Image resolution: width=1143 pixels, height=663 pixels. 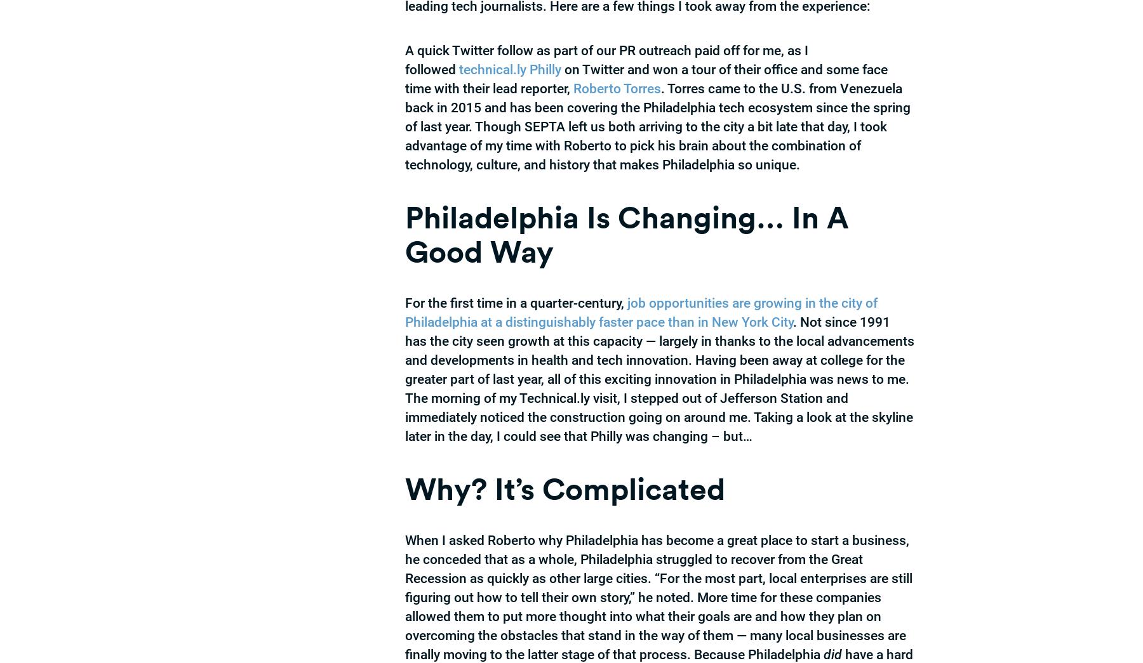 I want to click on '. Torres came to the U.S. from Venezuela back in 2015 and has been covering the Philadelphia tech ecosystem since the spring of last year. Though SEPTA left us both arriving to the city a bit late that day, I took advantage of my time with Roberto to pick his brain about the combination of technology, culture, and history that makes Philadelphia so unique.', so click(x=658, y=127).